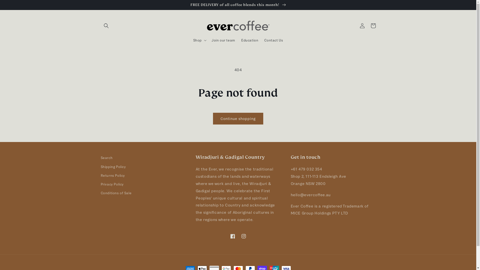  What do you see at coordinates (243, 236) in the screenshot?
I see `'Instagram'` at bounding box center [243, 236].